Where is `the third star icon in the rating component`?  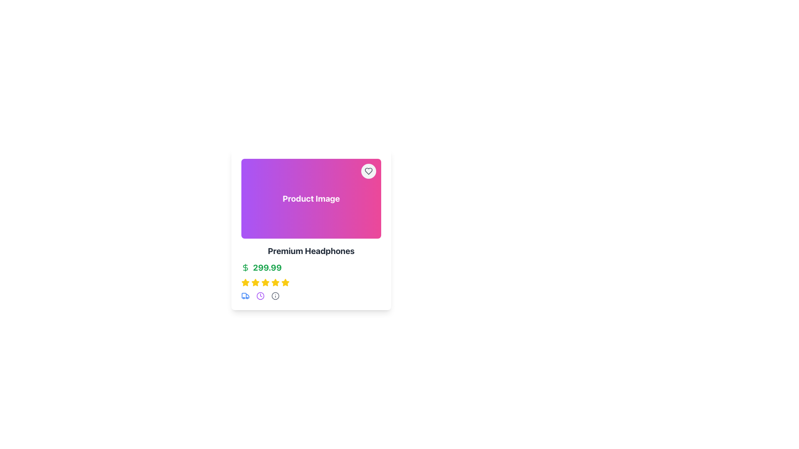 the third star icon in the rating component is located at coordinates (255, 282).